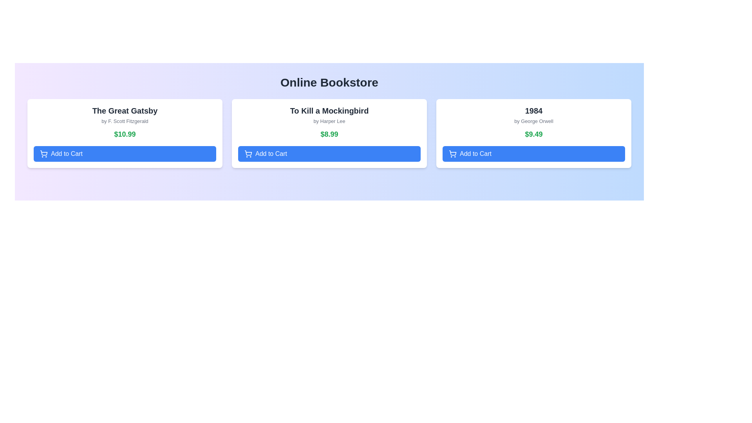 The image size is (752, 423). I want to click on the icon representing the action of adding 'To Kill a Mockingbird' to the shopping cart, located in the second card of the bookstore interface, so click(248, 153).